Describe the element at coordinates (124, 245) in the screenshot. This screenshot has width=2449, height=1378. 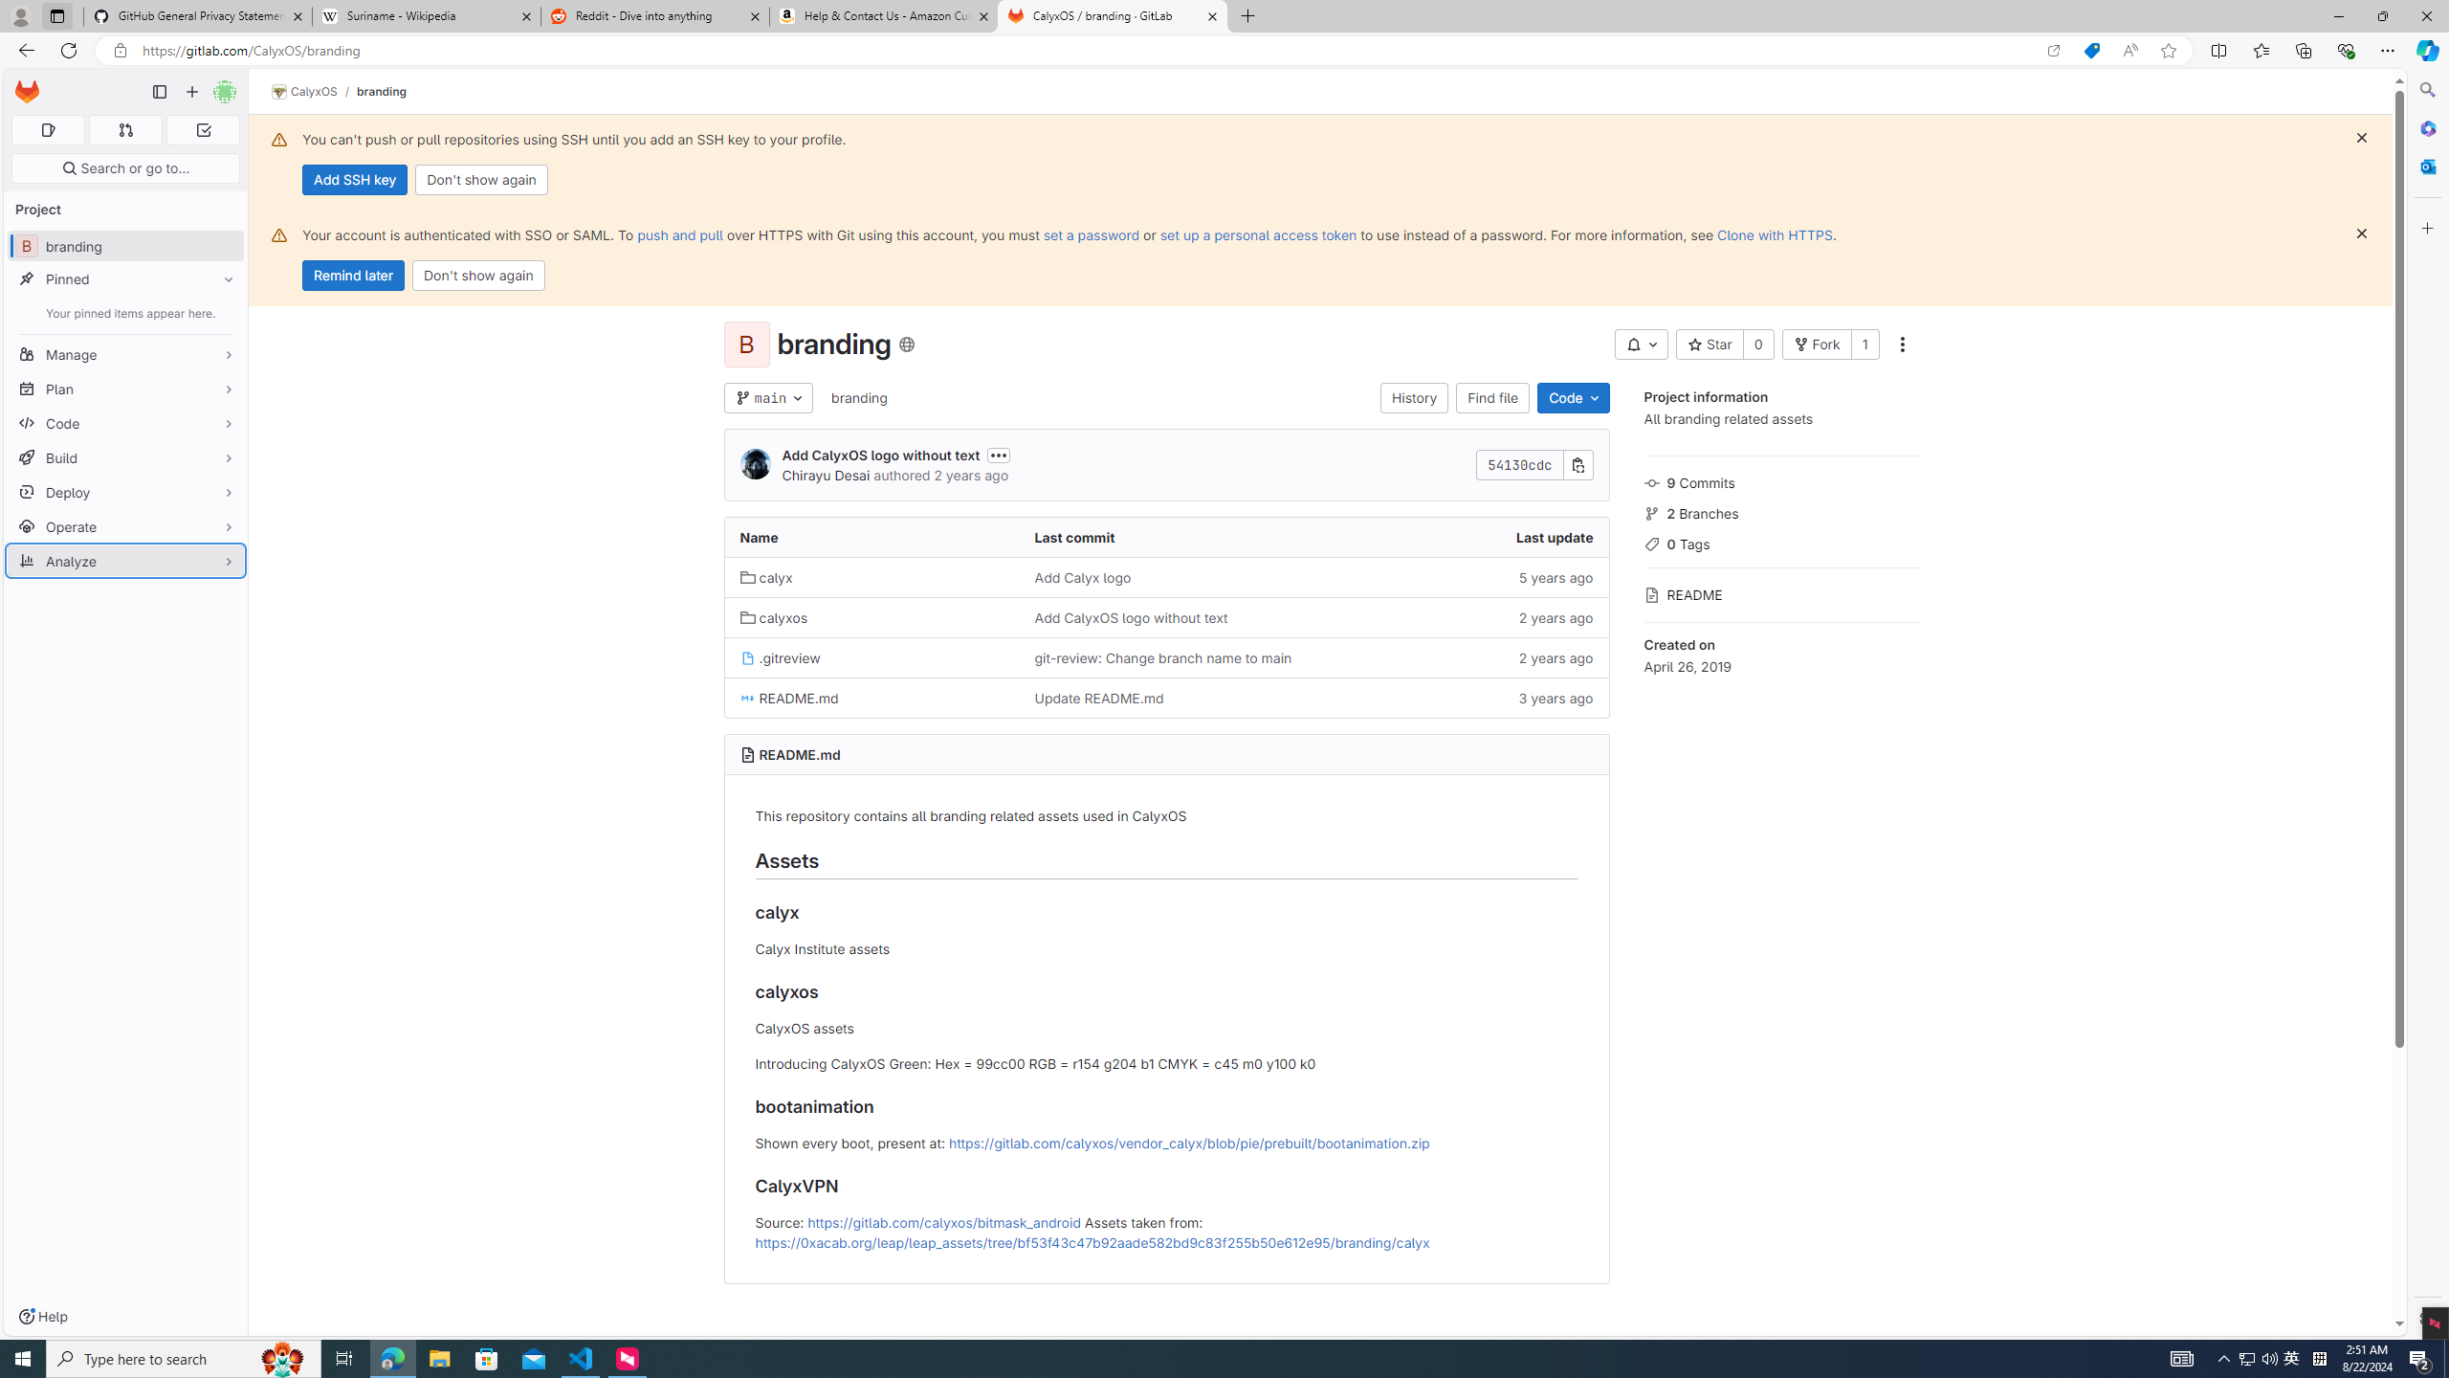
I see `'Bbranding'` at that location.